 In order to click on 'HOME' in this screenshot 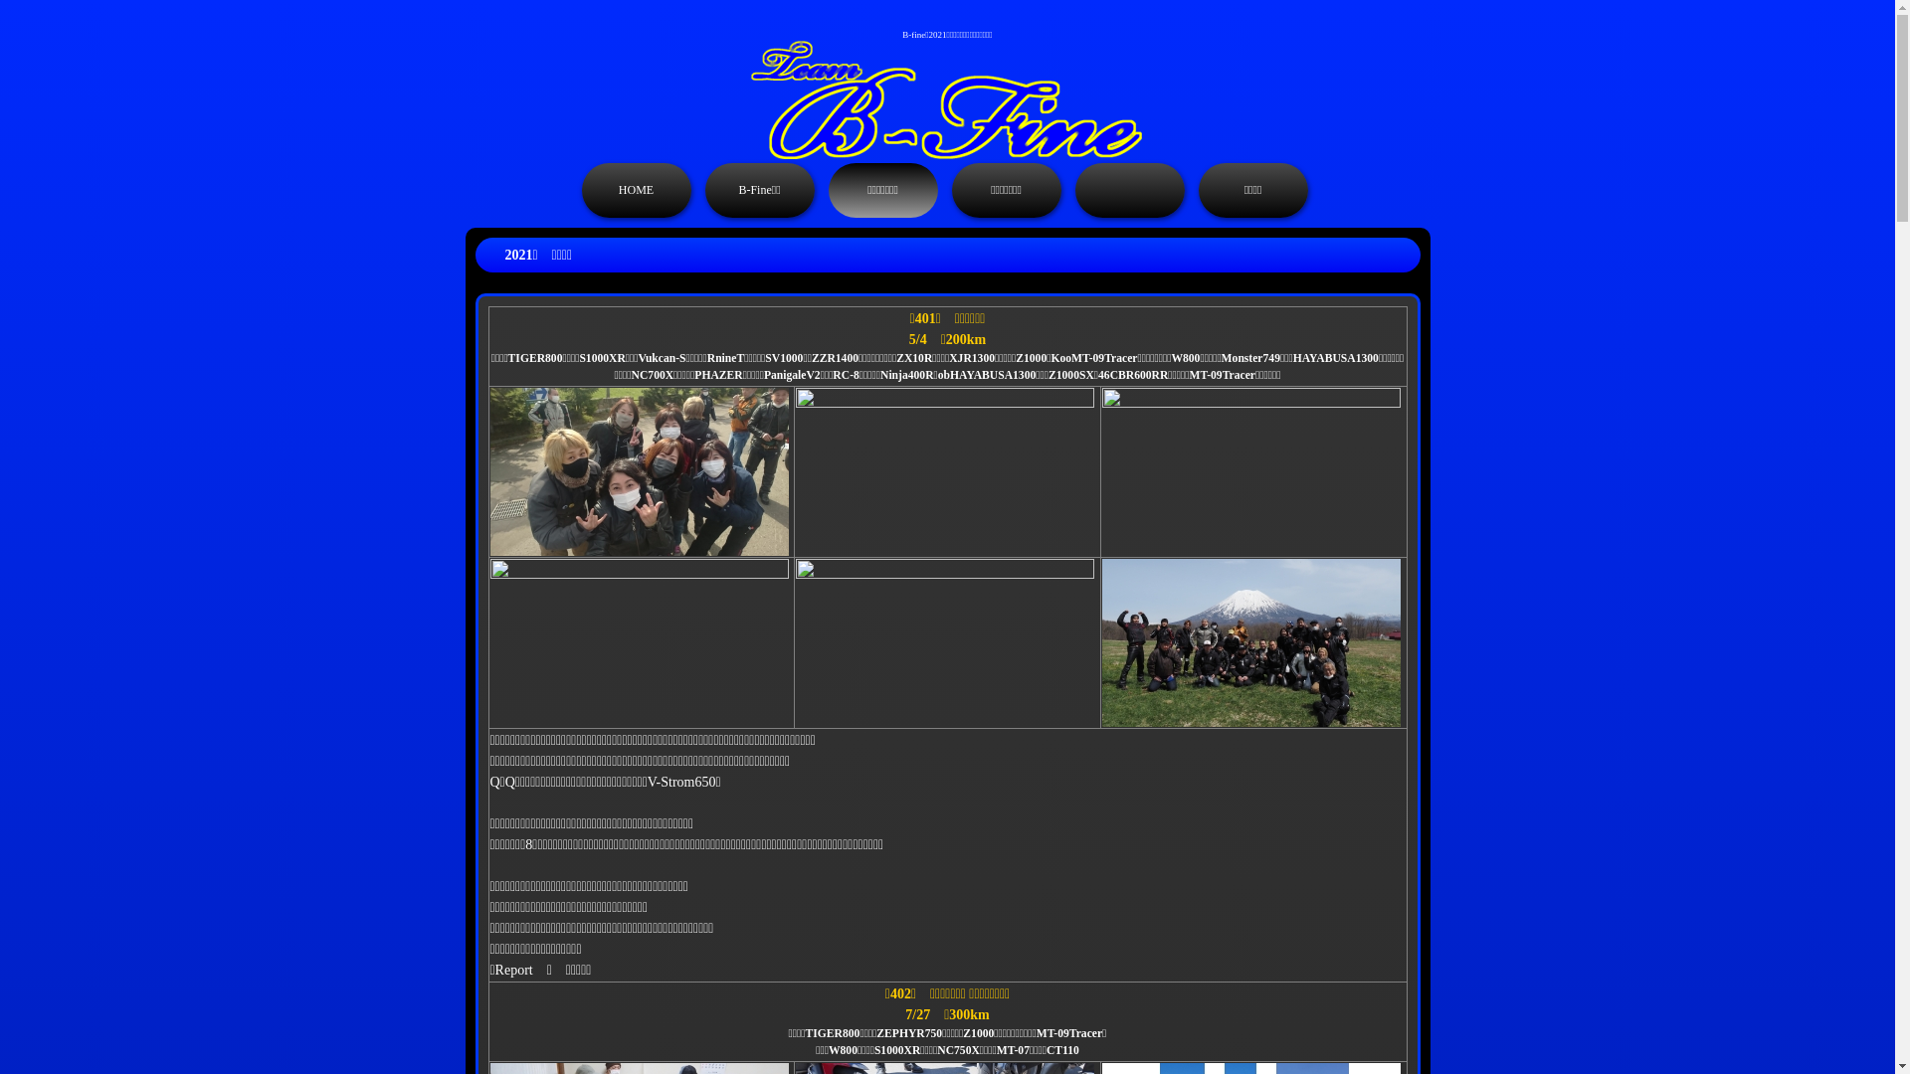, I will do `click(580, 190)`.